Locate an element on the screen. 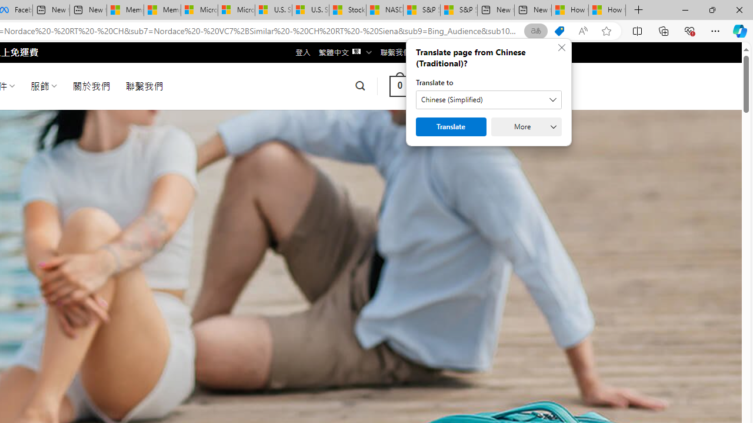 Image resolution: width=753 pixels, height=423 pixels. 'Translate to' is located at coordinates (488, 99).